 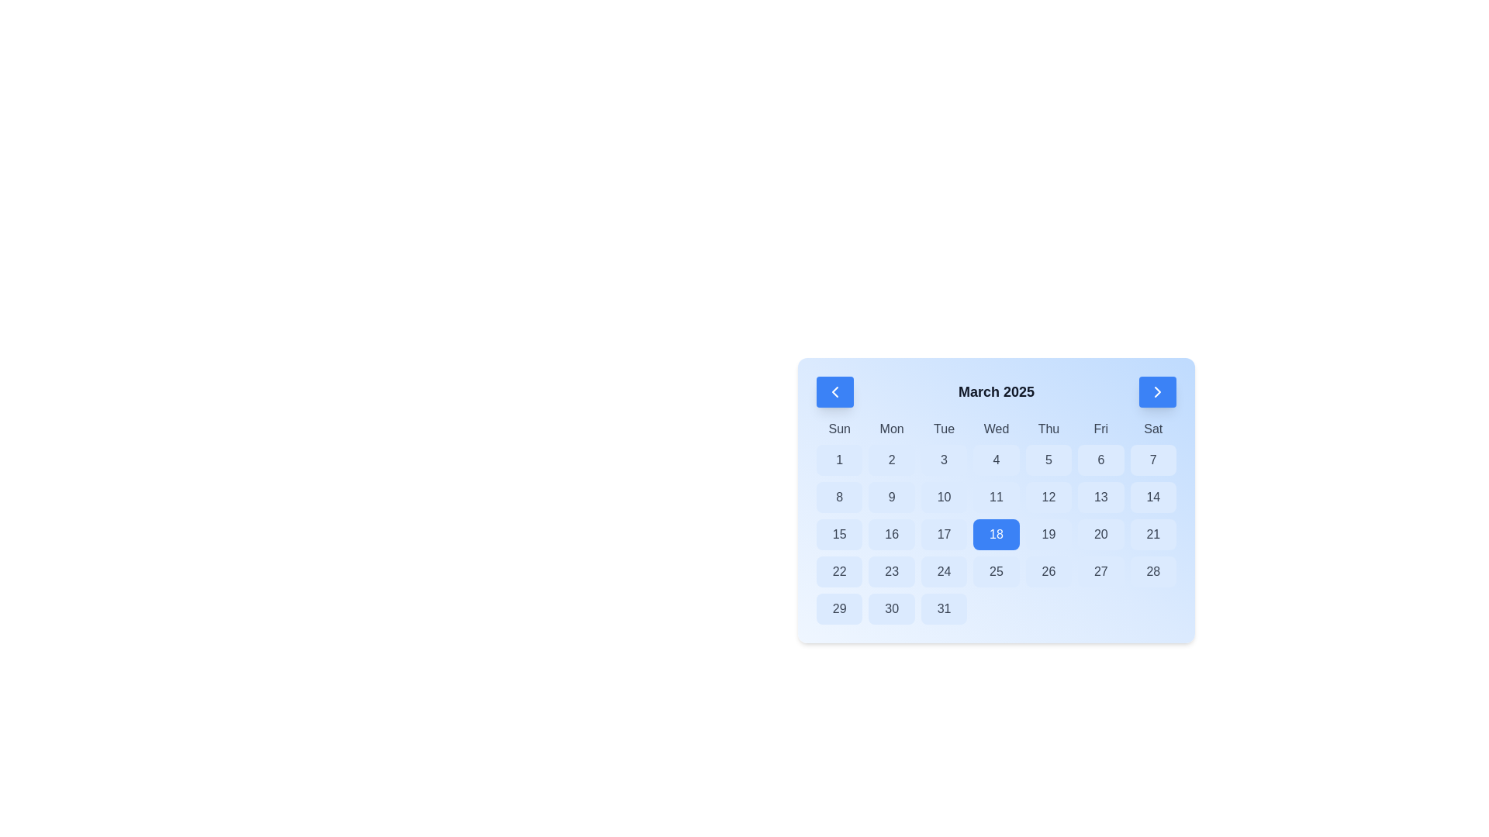 I want to click on the text label 'Tue', which is the third text element in the row of days of the week, located between 'Mon' and 'Wed', so click(x=943, y=429).